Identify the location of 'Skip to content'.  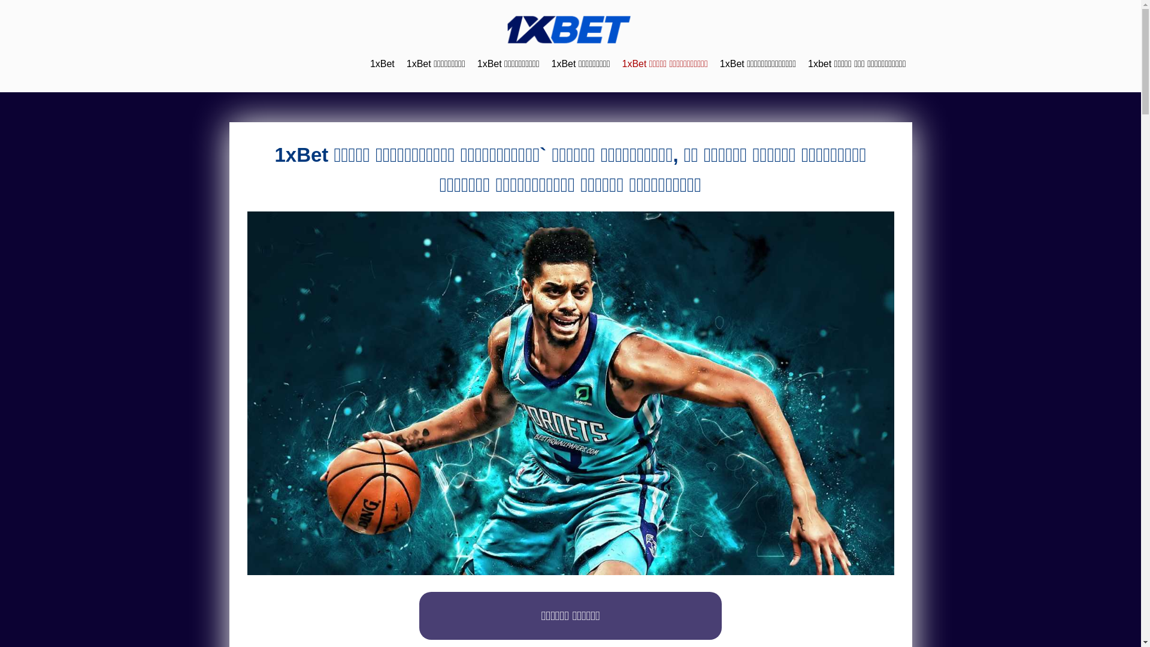
(0, 0).